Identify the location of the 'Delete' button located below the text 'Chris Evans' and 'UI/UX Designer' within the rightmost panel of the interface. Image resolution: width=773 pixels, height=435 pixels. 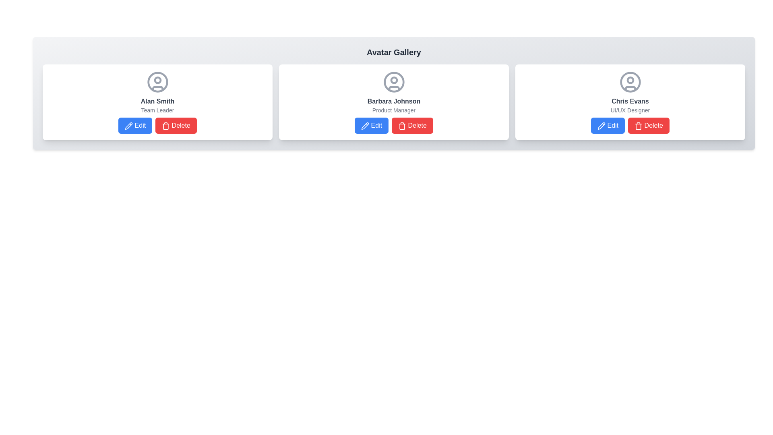
(630, 126).